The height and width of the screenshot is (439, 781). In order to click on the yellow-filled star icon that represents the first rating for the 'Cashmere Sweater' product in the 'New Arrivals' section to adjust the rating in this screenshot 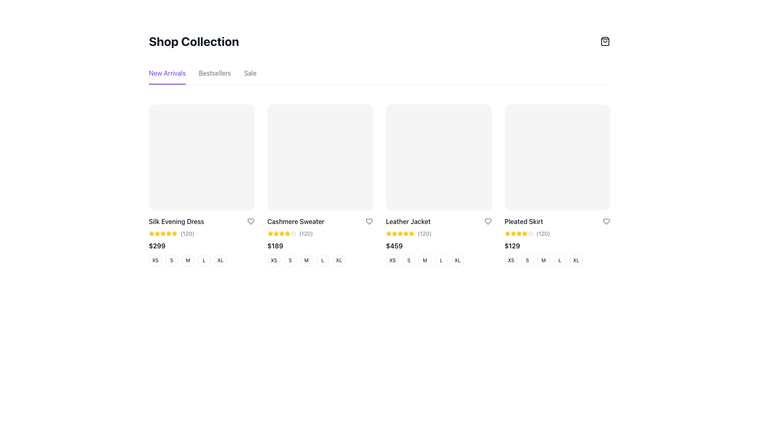, I will do `click(276, 233)`.